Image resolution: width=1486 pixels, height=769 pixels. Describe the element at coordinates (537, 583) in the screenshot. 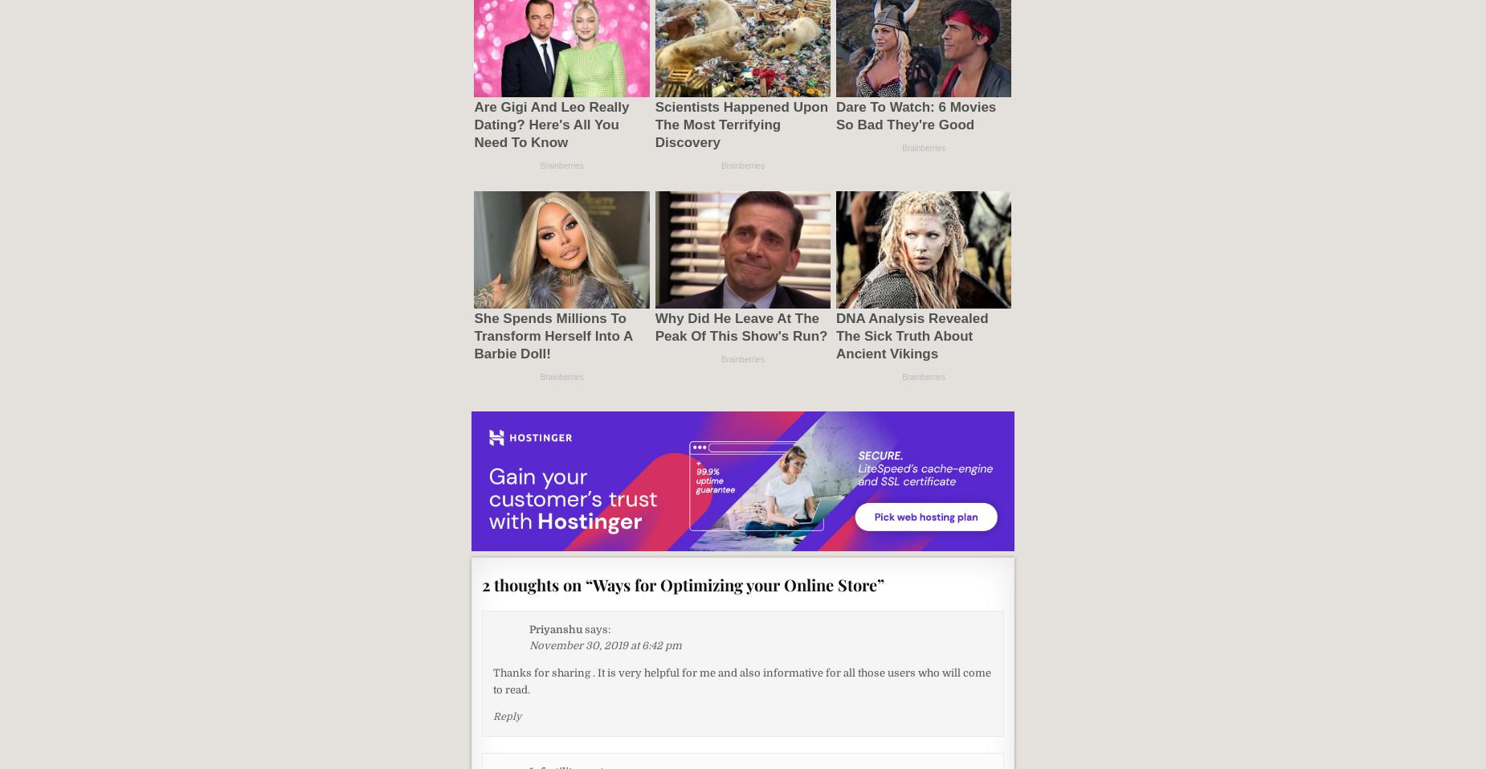

I see `'2 thoughts on “'` at that location.